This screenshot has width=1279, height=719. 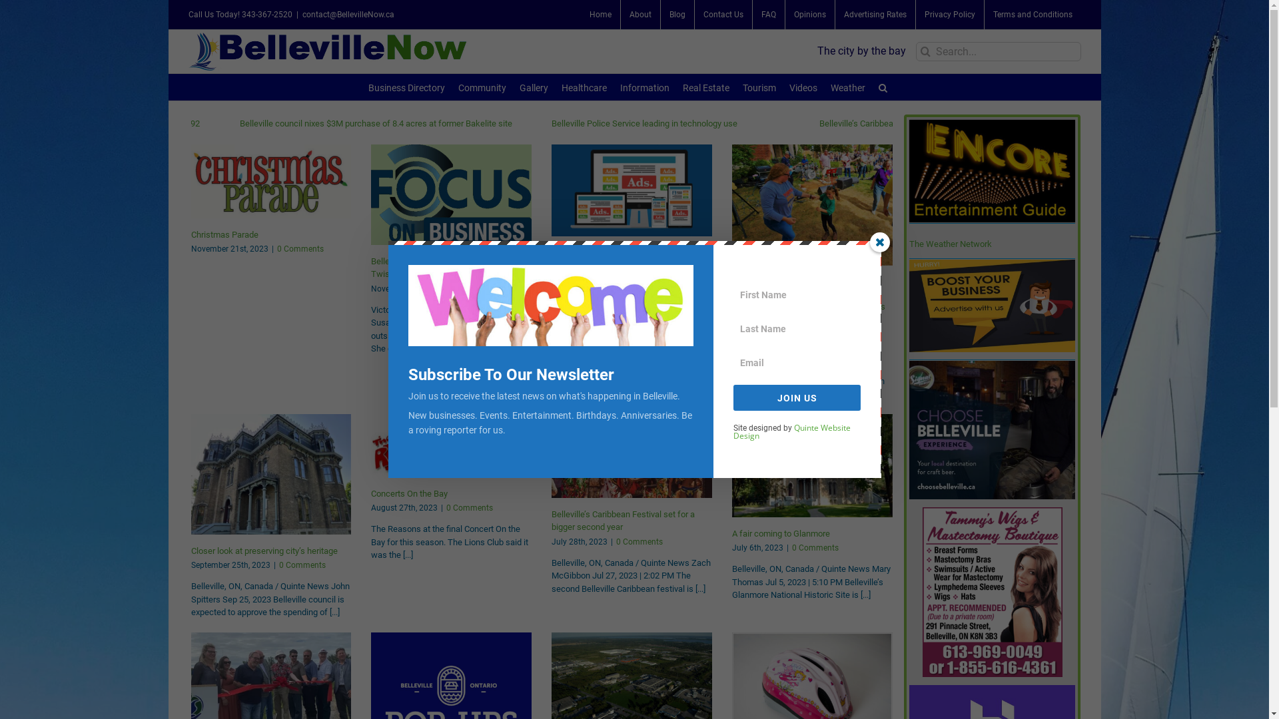 I want to click on 'Quinte Website Design', so click(x=792, y=431).